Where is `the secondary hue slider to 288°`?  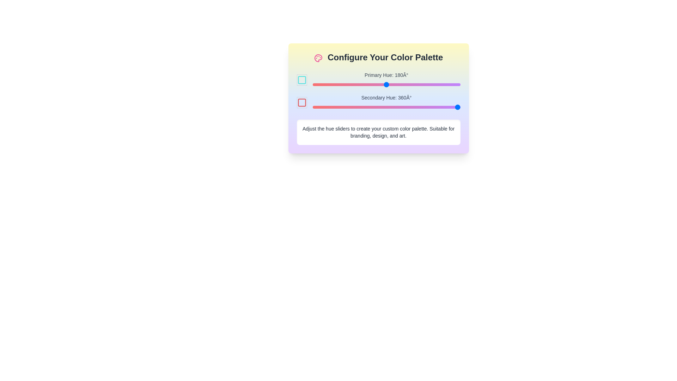 the secondary hue slider to 288° is located at coordinates (430, 107).